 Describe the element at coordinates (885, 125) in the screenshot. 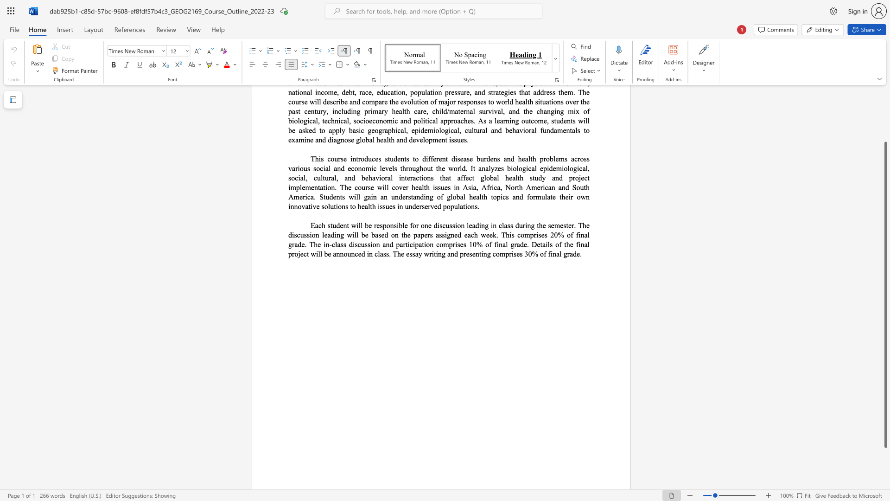

I see `the scrollbar to move the view up` at that location.